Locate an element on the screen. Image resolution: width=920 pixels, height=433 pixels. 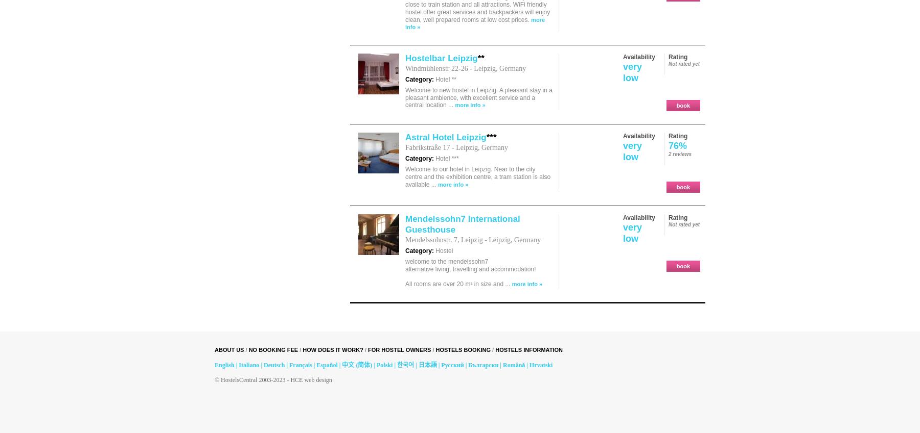
'No booking fee' is located at coordinates (272, 349).